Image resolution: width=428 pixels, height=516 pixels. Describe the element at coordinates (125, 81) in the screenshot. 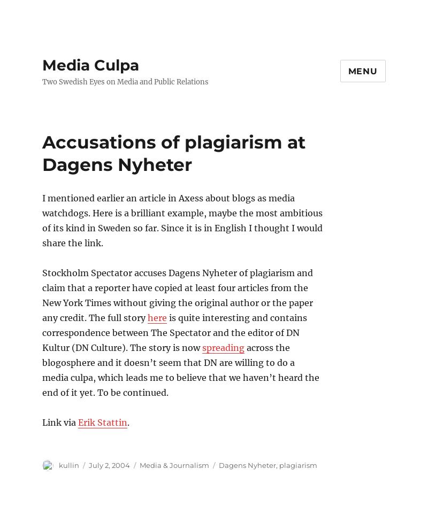

I see `'Two Swedish Eyes on Media and Public Relations'` at that location.